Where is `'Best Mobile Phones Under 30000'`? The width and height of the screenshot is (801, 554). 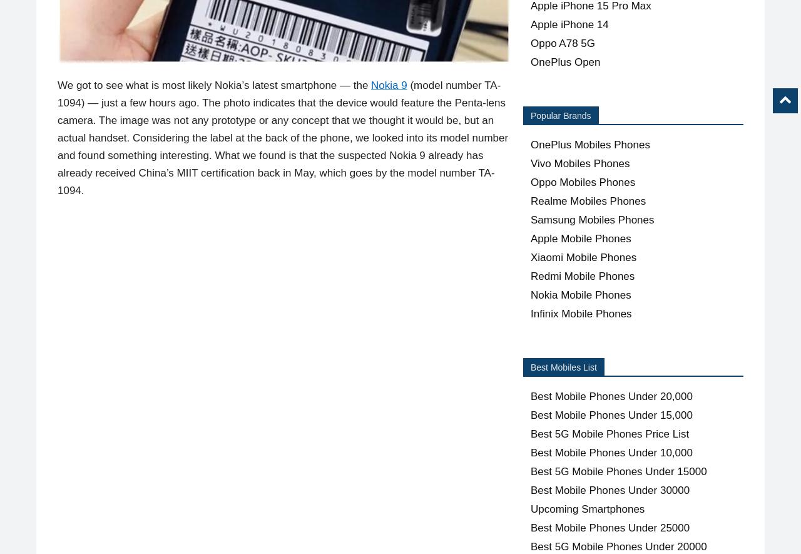 'Best Mobile Phones Under 30000' is located at coordinates (610, 490).